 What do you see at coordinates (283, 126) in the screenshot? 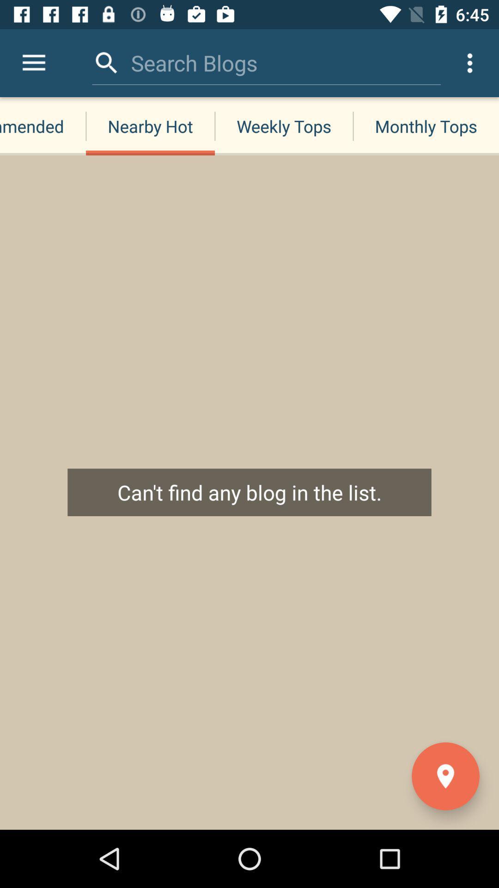
I see `the item to the left of the monthly tops item` at bounding box center [283, 126].